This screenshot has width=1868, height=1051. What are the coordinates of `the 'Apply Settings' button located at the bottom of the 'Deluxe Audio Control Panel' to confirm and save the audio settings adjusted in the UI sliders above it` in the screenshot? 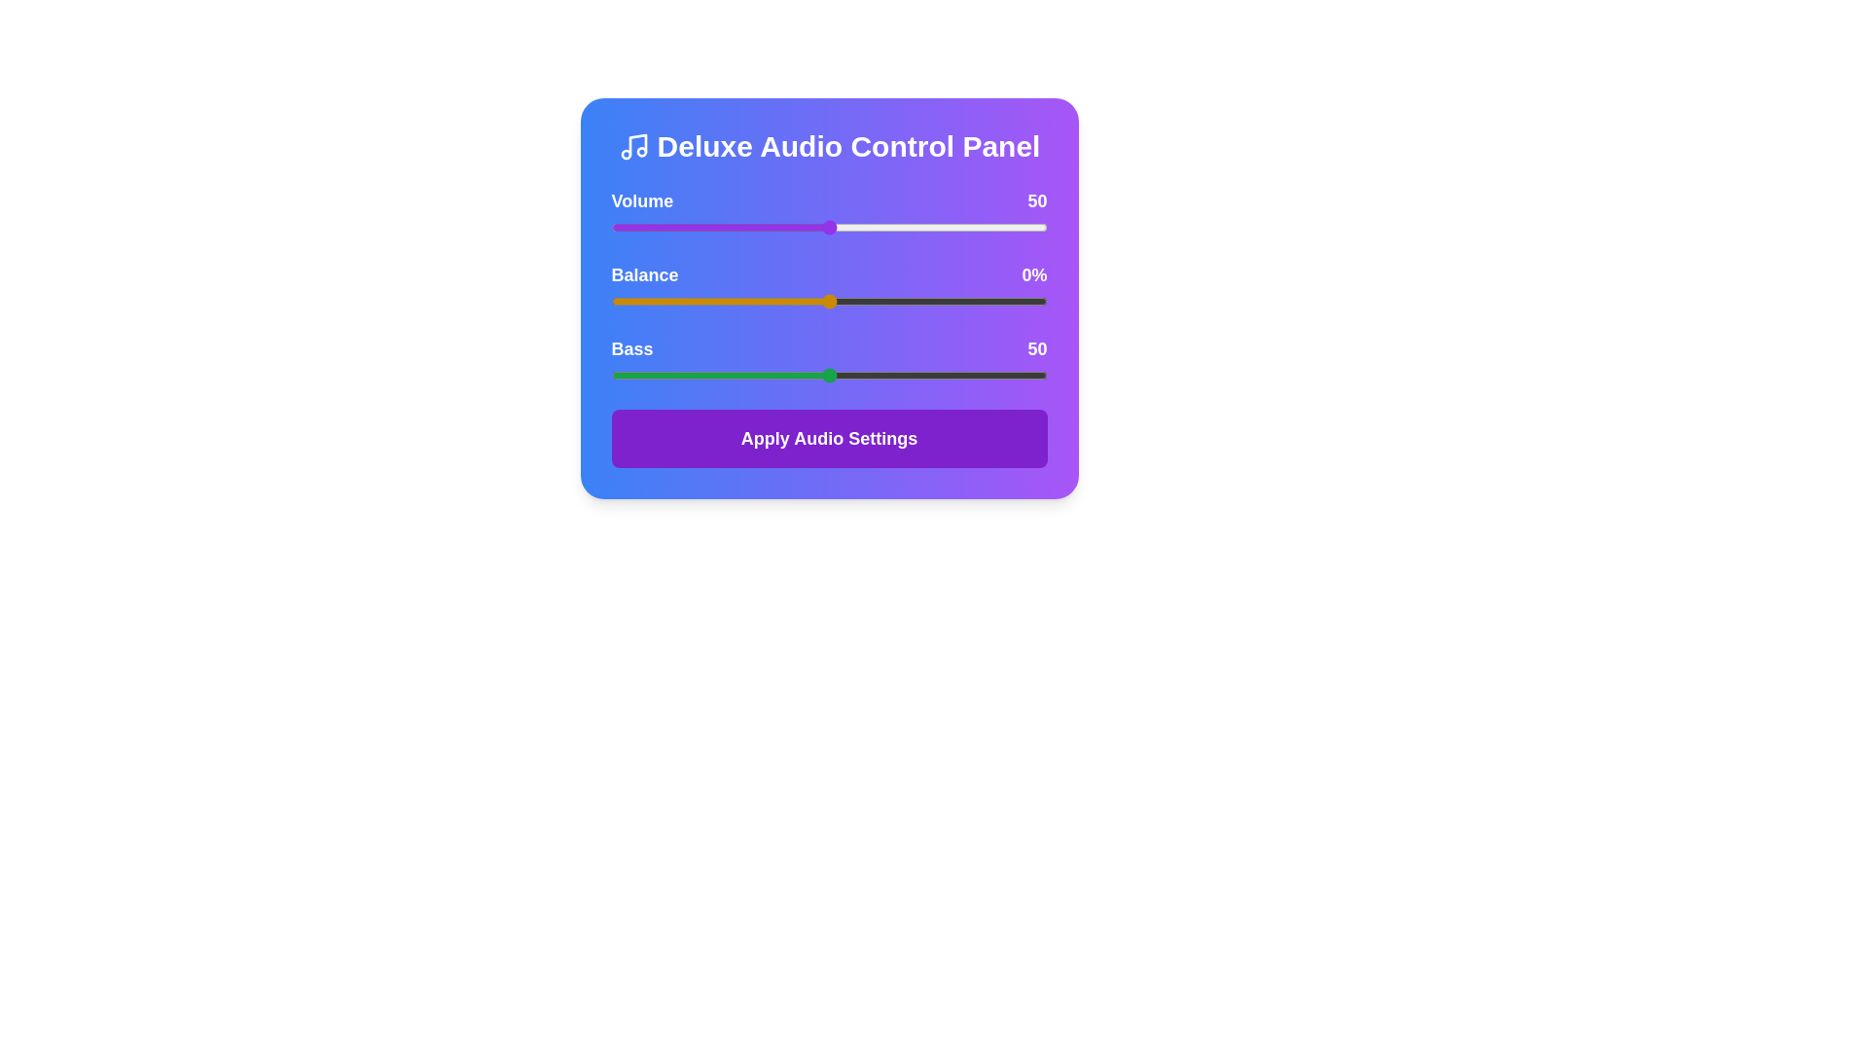 It's located at (829, 439).